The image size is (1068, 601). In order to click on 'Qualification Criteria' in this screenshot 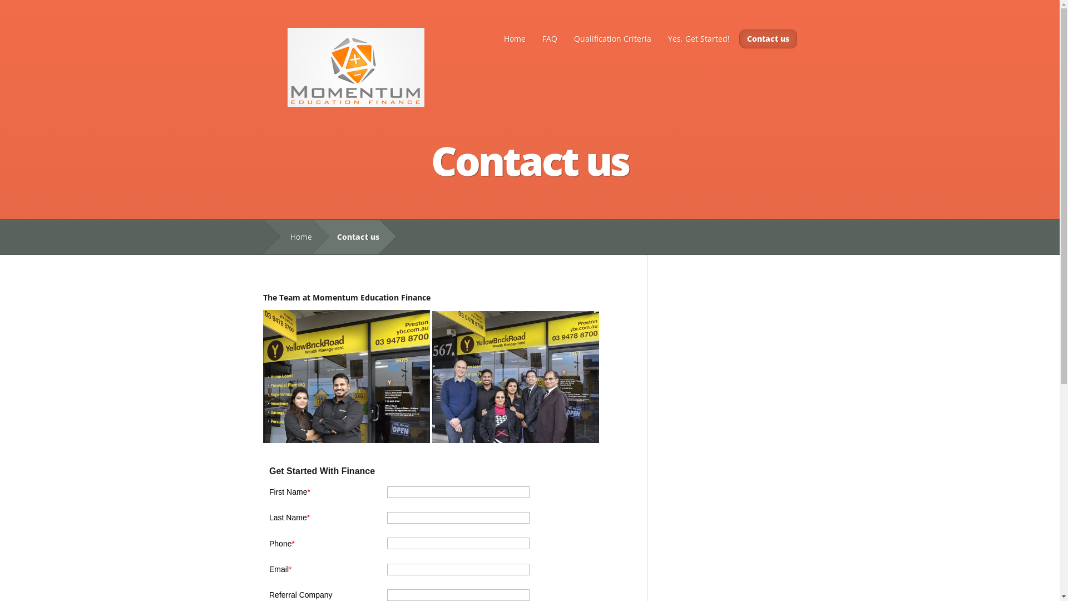, I will do `click(611, 38)`.